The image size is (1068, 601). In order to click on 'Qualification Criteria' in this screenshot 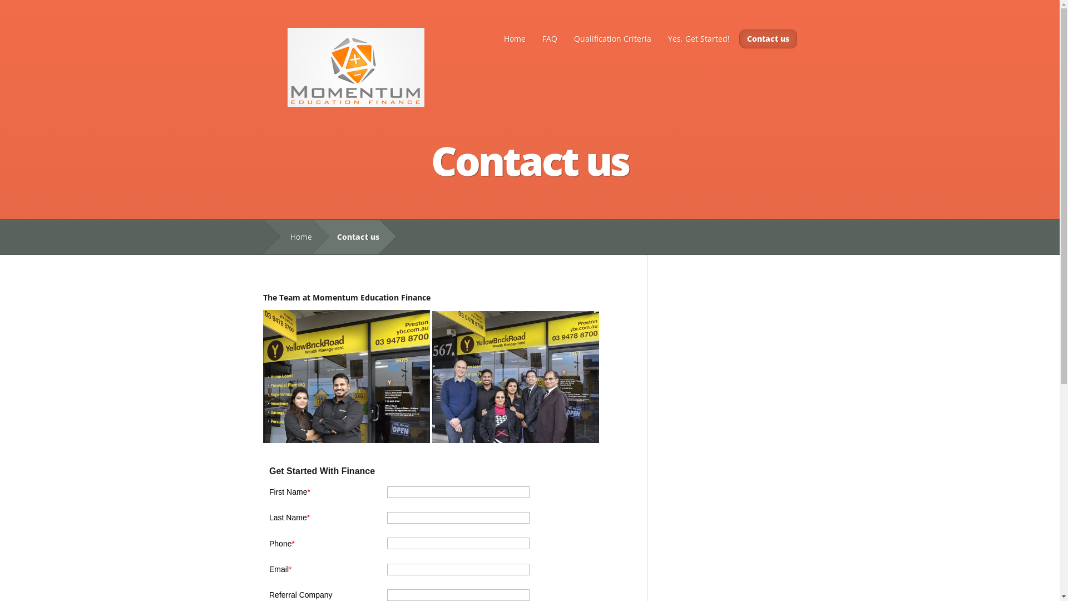, I will do `click(611, 38)`.